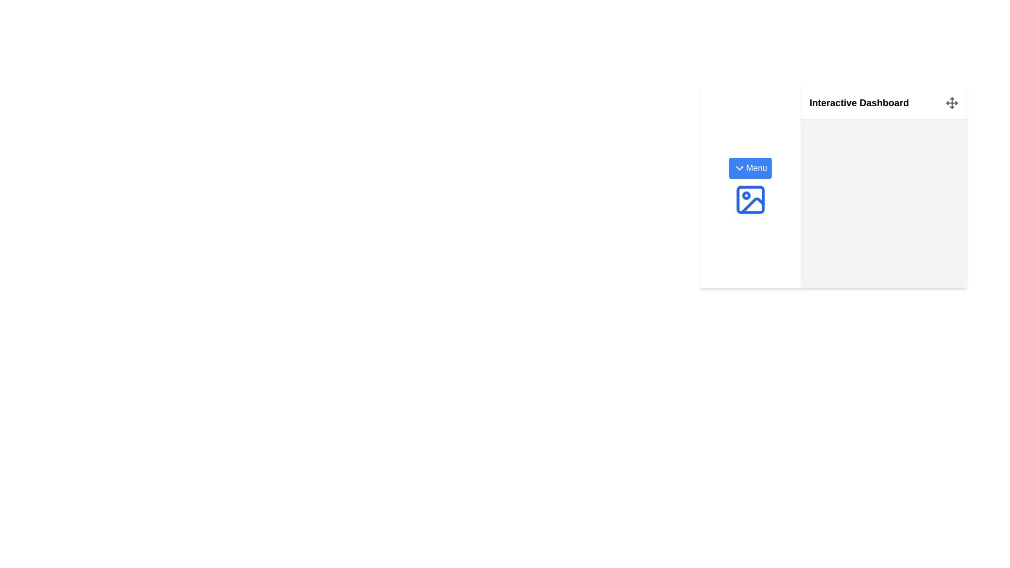 Image resolution: width=1010 pixels, height=568 pixels. What do you see at coordinates (884, 103) in the screenshot?
I see `text 'Interactive Dashboard' located in the header at the top-right section of the page` at bounding box center [884, 103].